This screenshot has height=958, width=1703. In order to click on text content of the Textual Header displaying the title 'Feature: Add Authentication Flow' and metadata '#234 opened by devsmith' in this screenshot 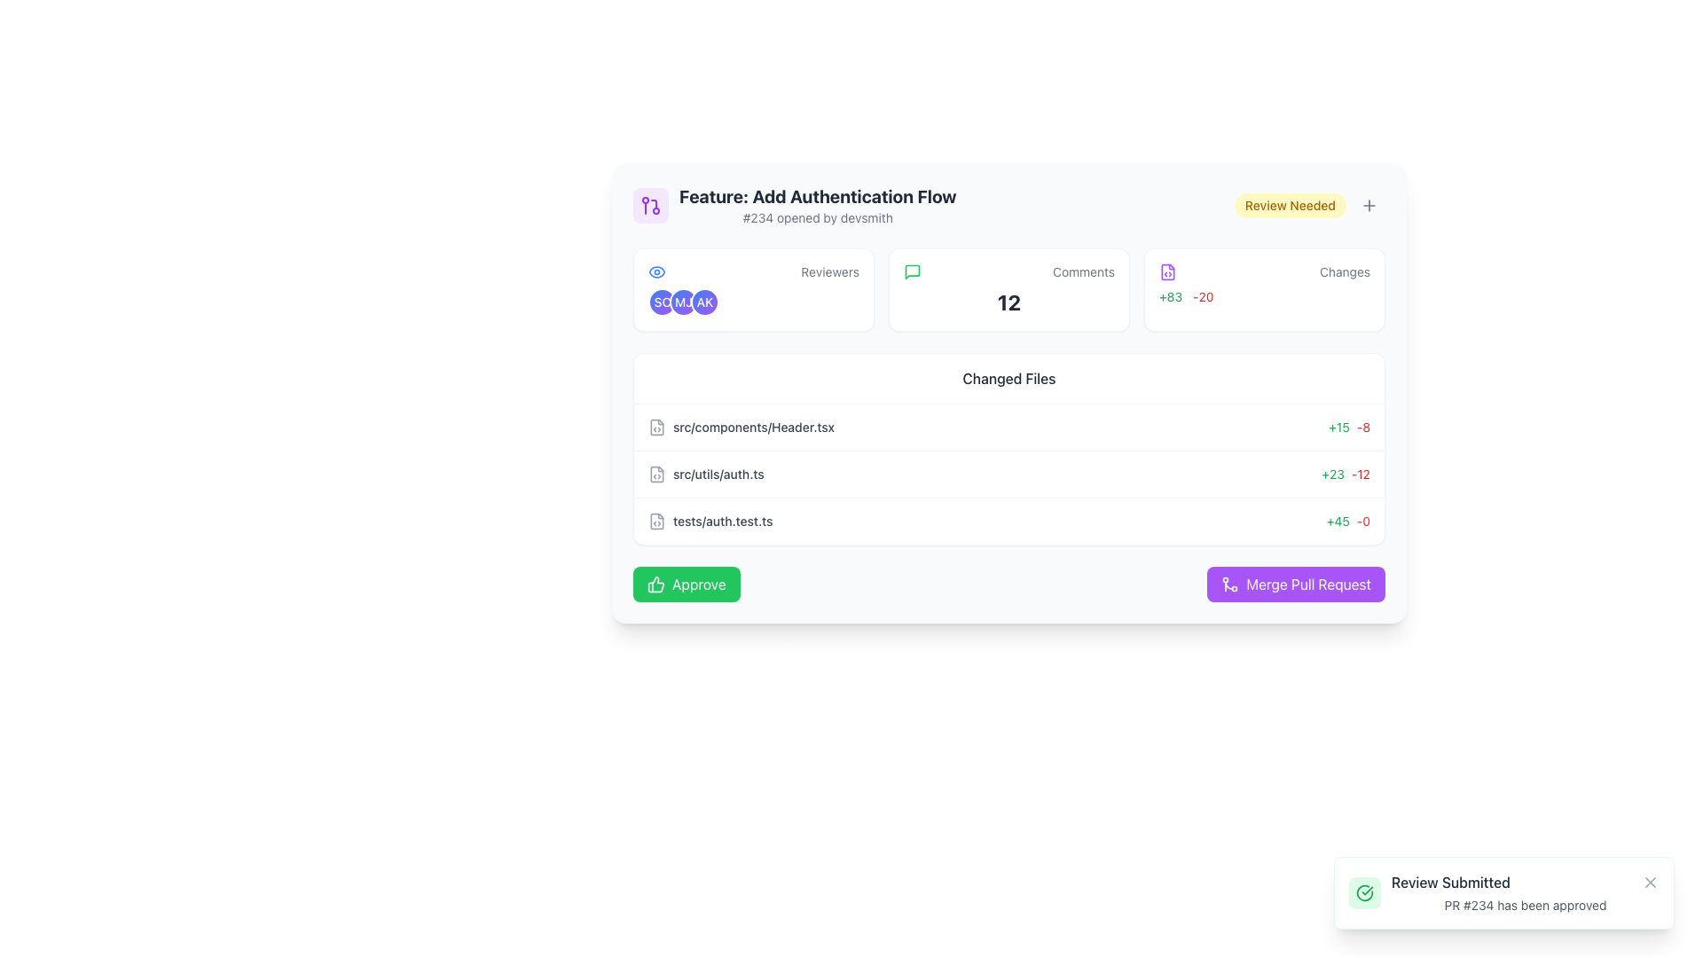, I will do `click(817, 204)`.